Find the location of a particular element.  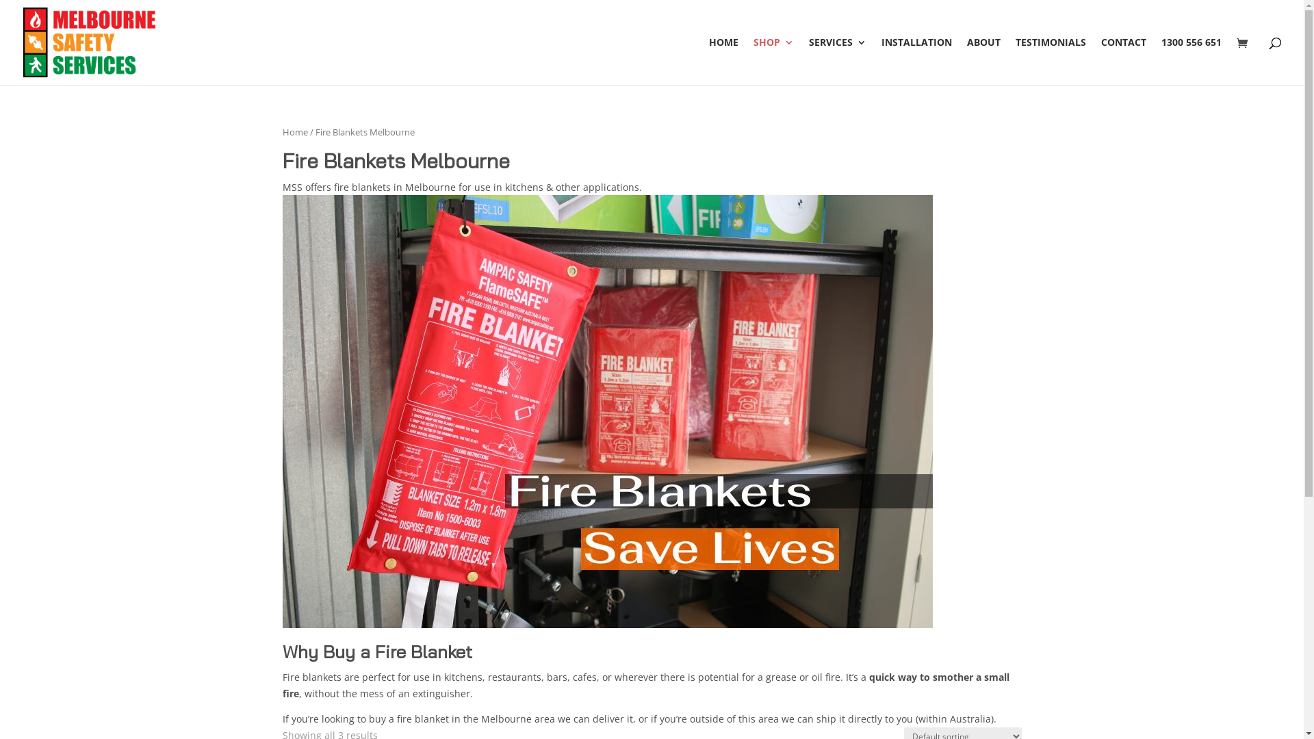

'TESTIMONIALS' is located at coordinates (1050, 60).